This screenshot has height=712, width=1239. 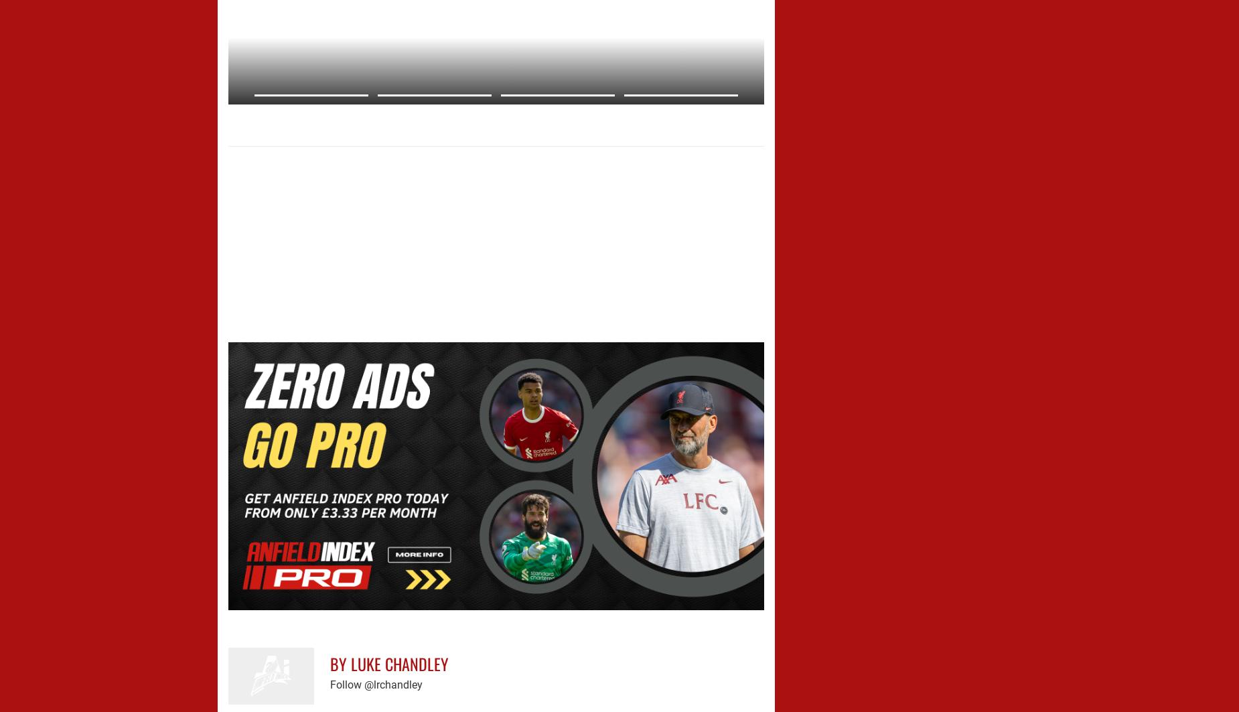 I want to click on 'investing.com', so click(x=251, y=134).